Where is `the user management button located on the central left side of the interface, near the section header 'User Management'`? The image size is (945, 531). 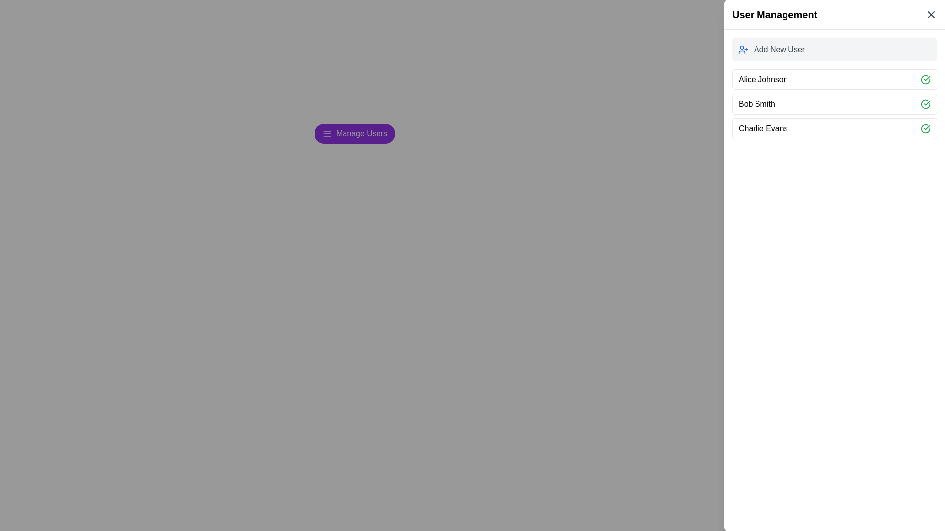
the user management button located on the central left side of the interface, near the section header 'User Management' is located at coordinates (354, 134).